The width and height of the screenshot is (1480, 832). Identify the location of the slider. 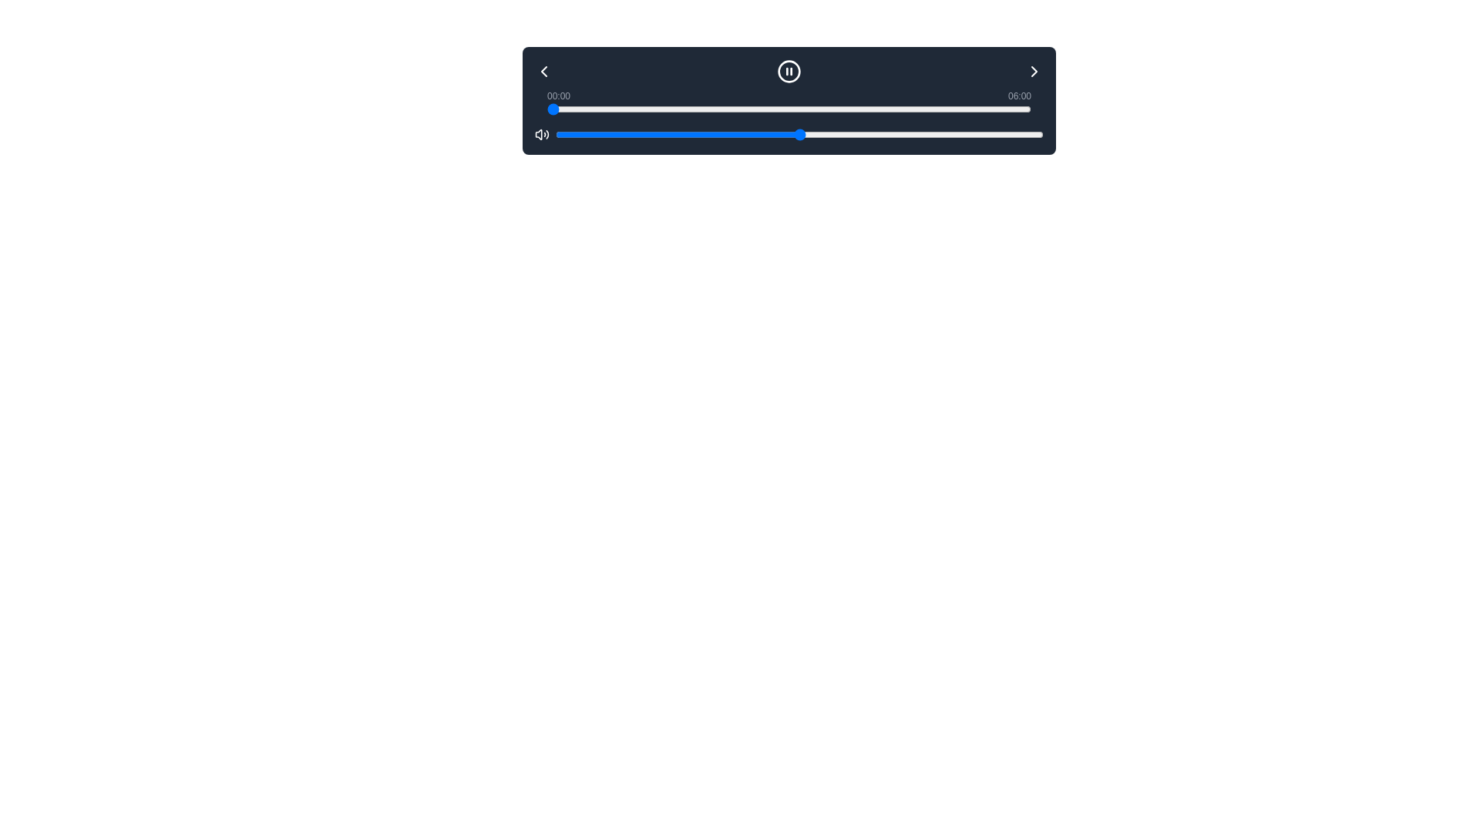
(603, 109).